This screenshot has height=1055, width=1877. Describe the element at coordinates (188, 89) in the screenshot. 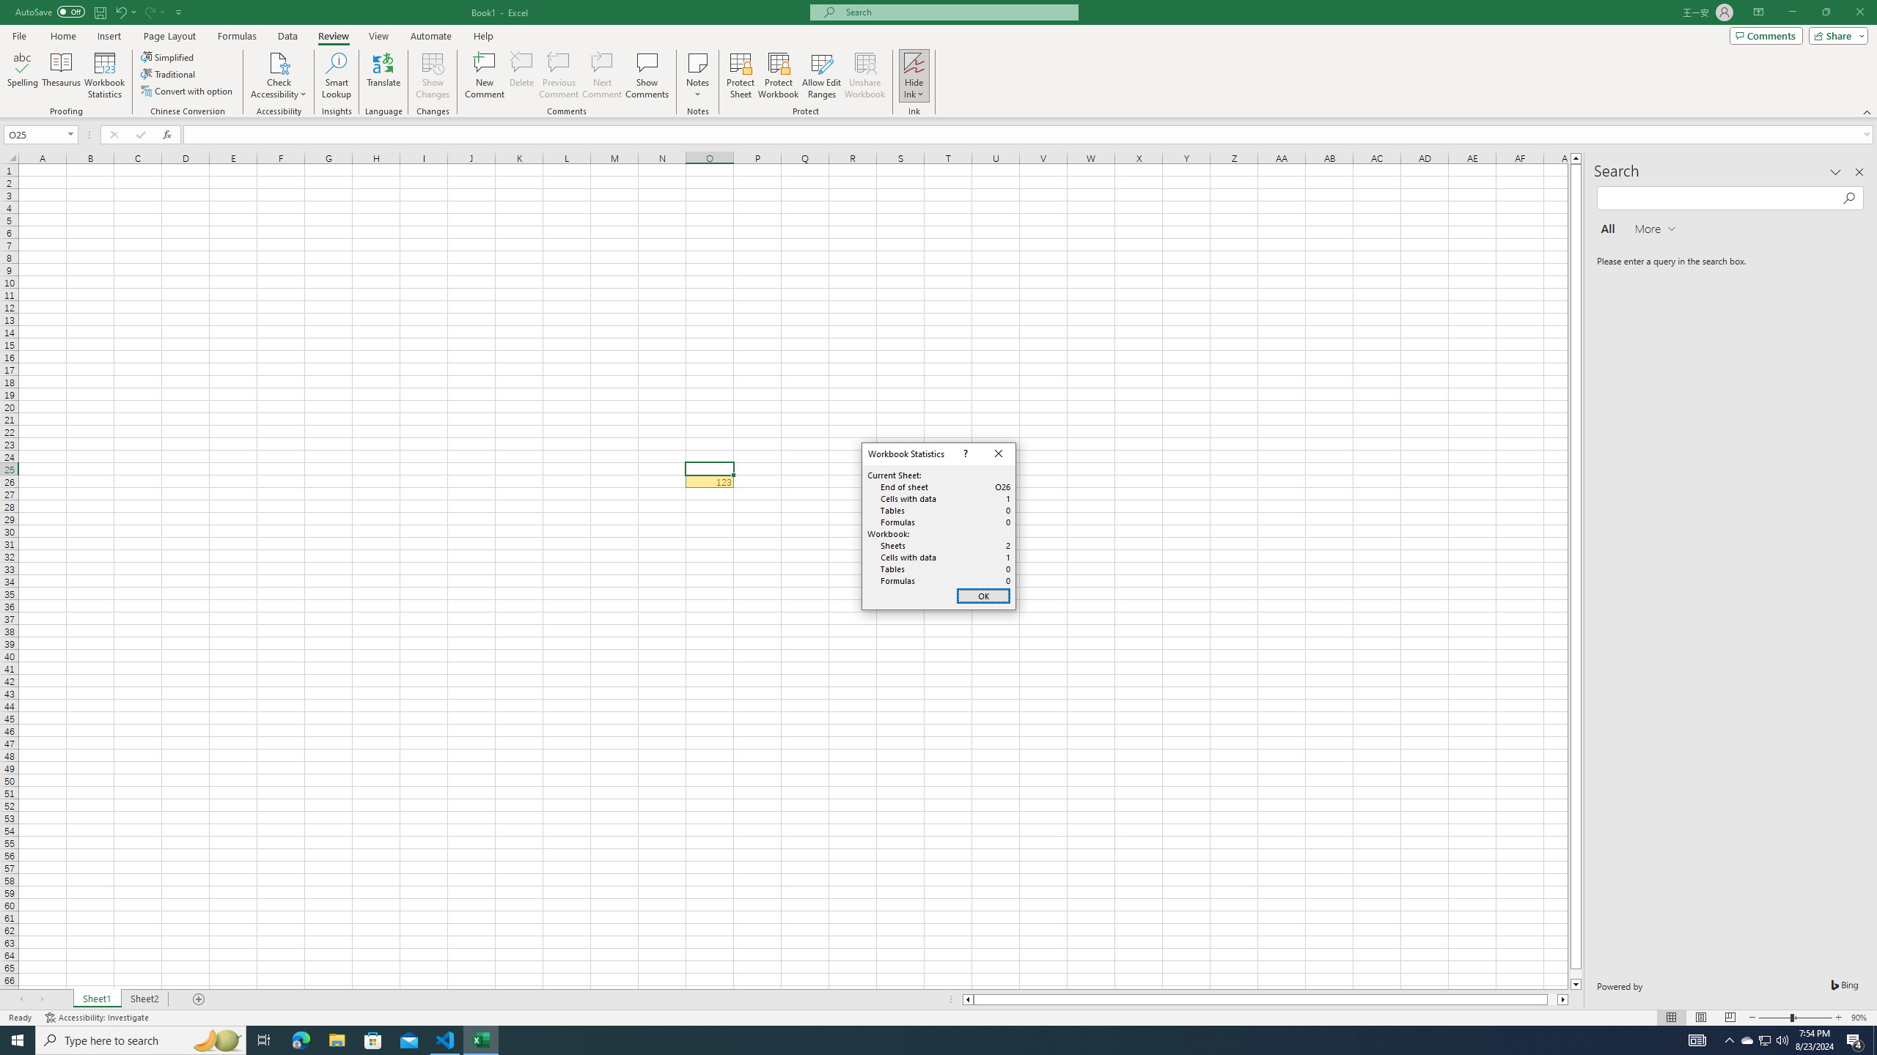

I see `'Convert with option'` at that location.